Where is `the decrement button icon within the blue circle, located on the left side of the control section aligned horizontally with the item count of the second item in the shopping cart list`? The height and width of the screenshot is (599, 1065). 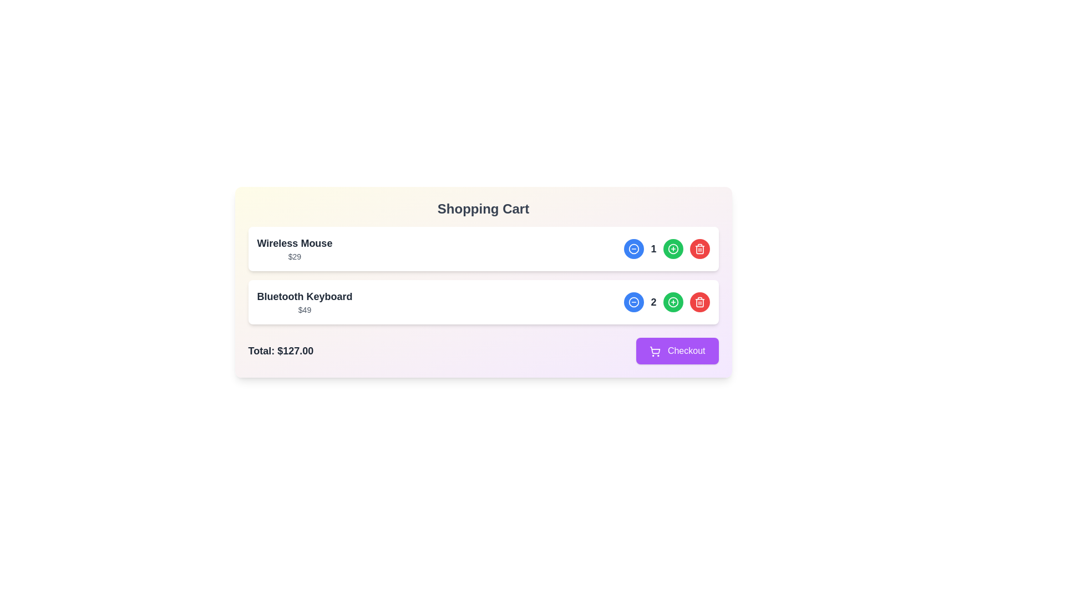 the decrement button icon within the blue circle, located on the left side of the control section aligned horizontally with the item count of the second item in the shopping cart list is located at coordinates (634, 302).